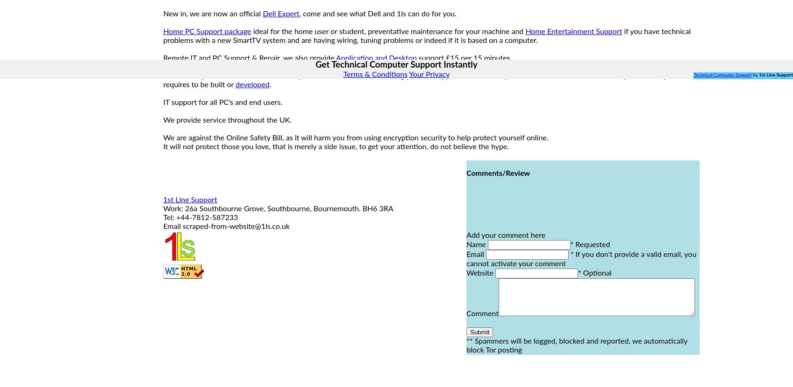 The height and width of the screenshot is (387, 793). What do you see at coordinates (200, 217) in the screenshot?
I see `'Tel: +44-7812-587233'` at bounding box center [200, 217].